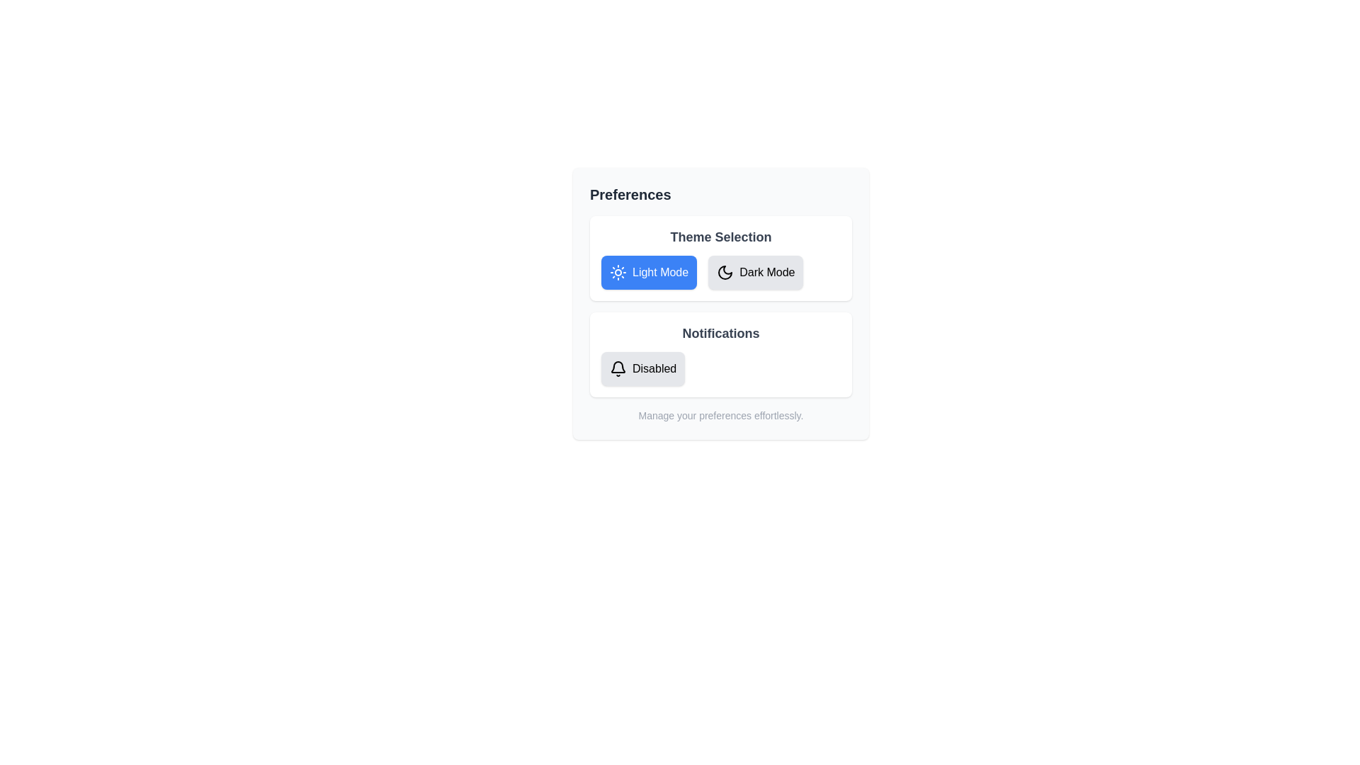 This screenshot has height=765, width=1360. Describe the element at coordinates (630, 194) in the screenshot. I see `the text label that serves as the header for the Preferences section` at that location.